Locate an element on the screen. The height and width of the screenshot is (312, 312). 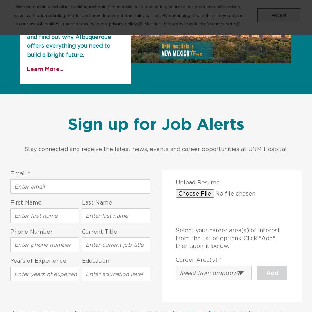
'Career Area(s)' is located at coordinates (196, 259).